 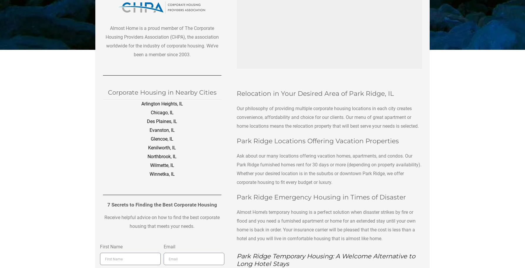 What do you see at coordinates (162, 156) in the screenshot?
I see `'Northbrook, IL'` at bounding box center [162, 156].